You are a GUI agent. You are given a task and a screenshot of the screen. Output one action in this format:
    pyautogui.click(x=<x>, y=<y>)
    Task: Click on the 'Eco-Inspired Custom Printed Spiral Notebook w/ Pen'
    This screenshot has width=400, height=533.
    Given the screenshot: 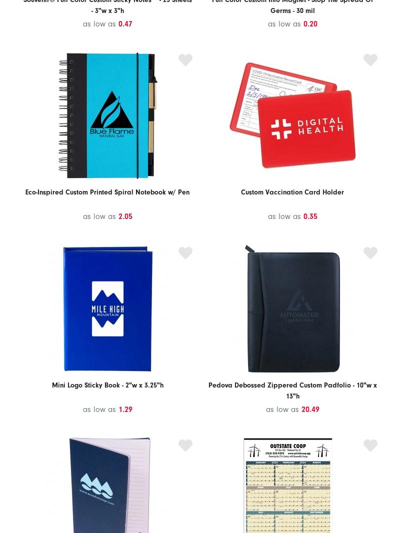 What is the action you would take?
    pyautogui.click(x=25, y=192)
    